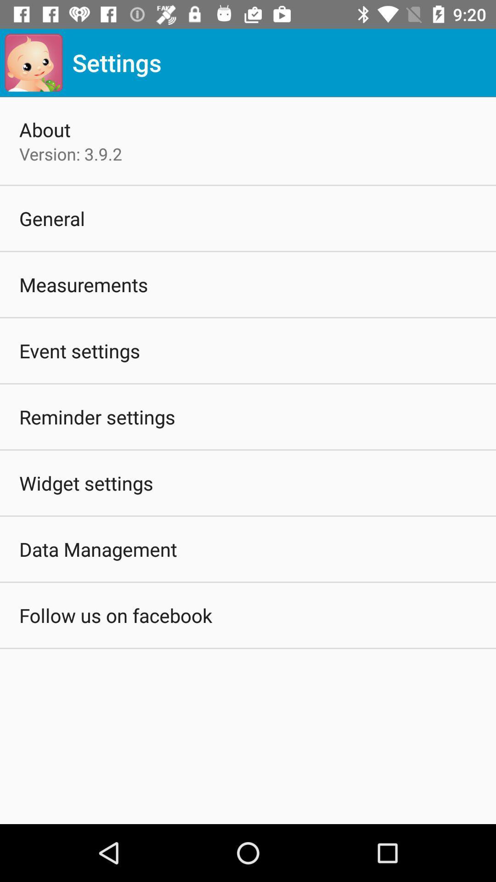 The image size is (496, 882). What do you see at coordinates (84, 284) in the screenshot?
I see `app below the general icon` at bounding box center [84, 284].